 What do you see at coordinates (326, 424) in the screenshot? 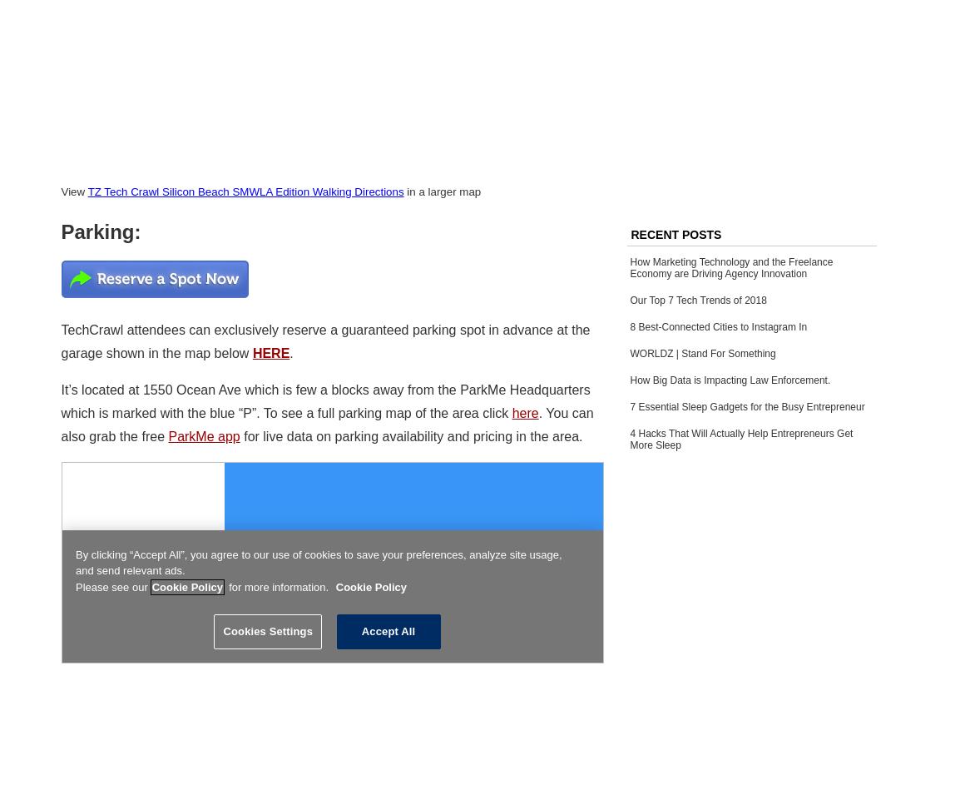
I see `'. You can also grab the free'` at bounding box center [326, 424].